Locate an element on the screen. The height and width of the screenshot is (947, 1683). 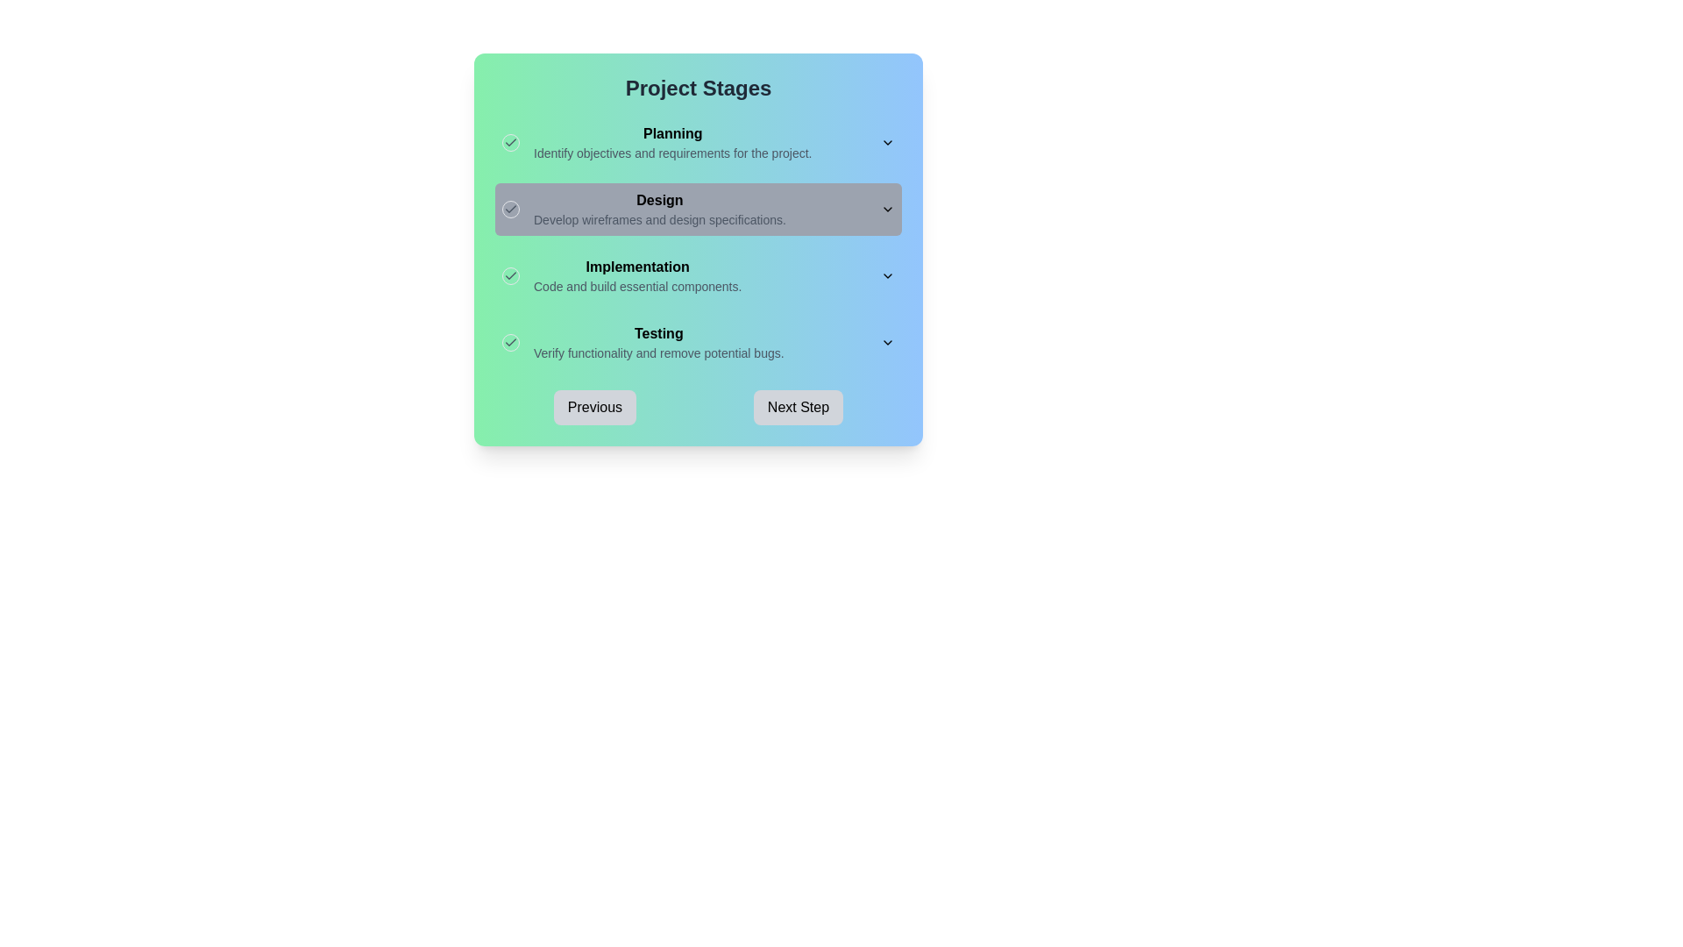
the arrow on the 'Implementation' stage list item is located at coordinates (697, 276).